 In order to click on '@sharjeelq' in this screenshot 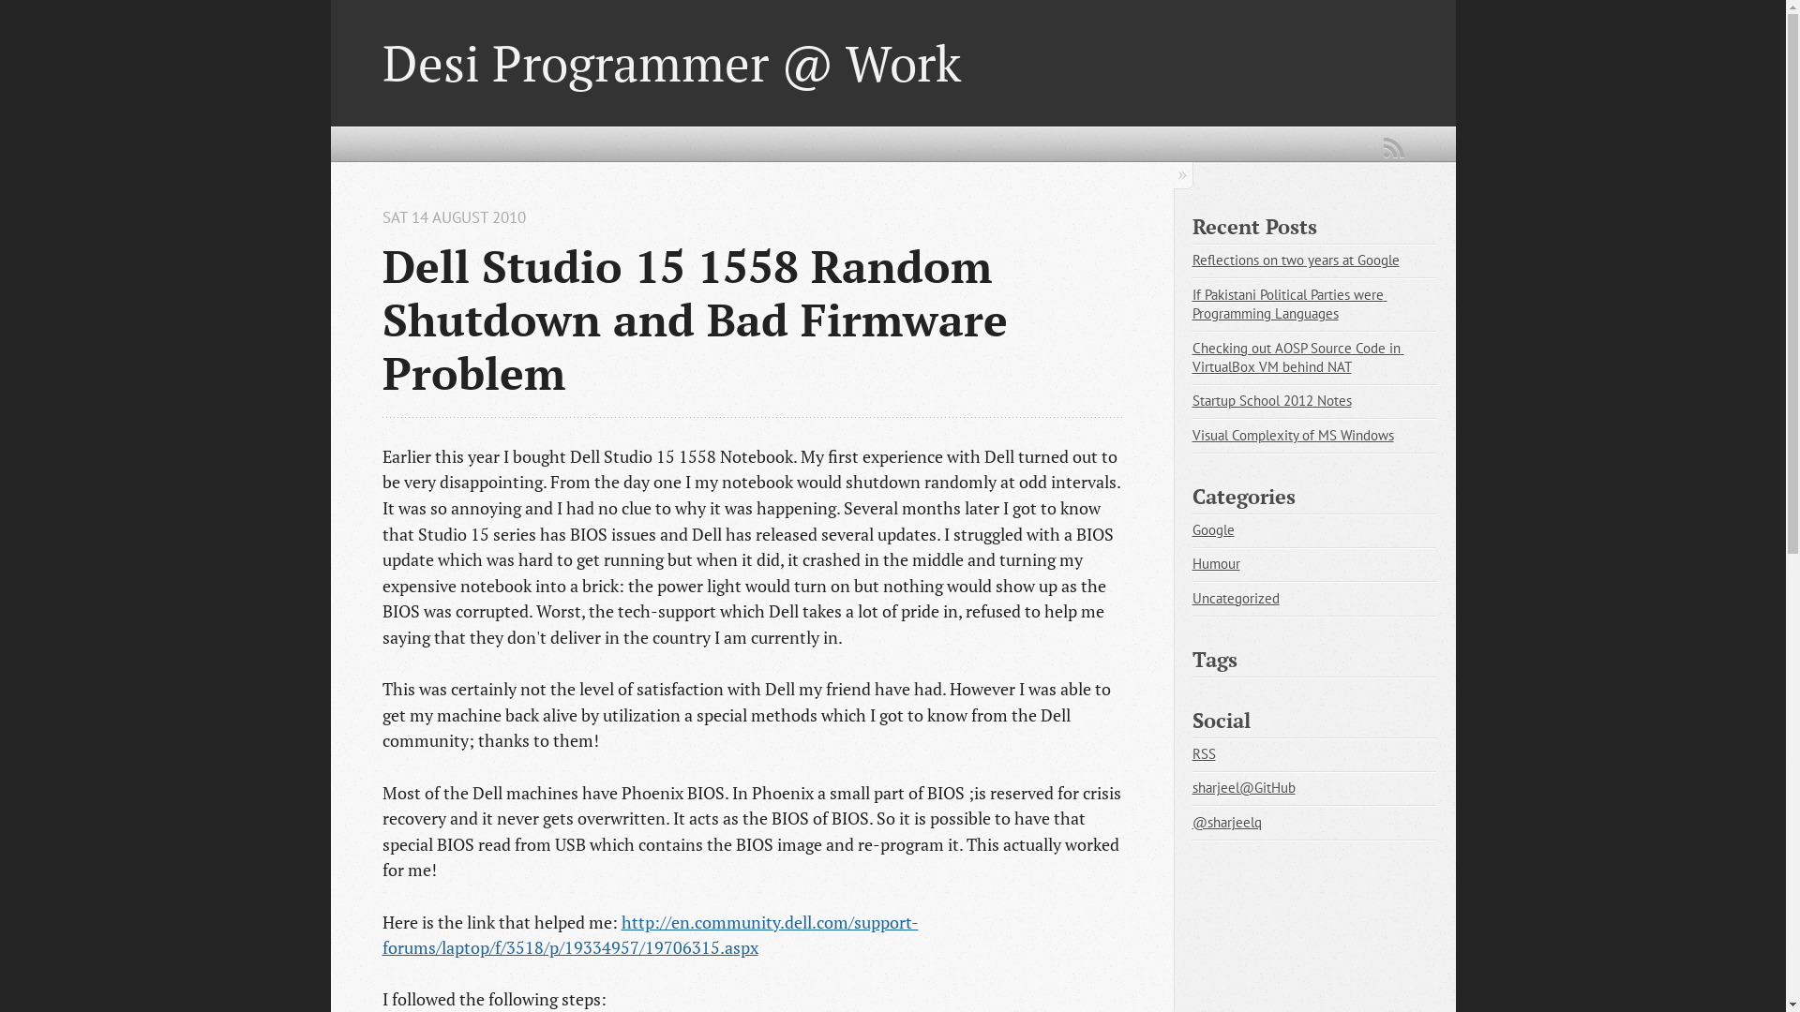, I will do `click(1192, 821)`.